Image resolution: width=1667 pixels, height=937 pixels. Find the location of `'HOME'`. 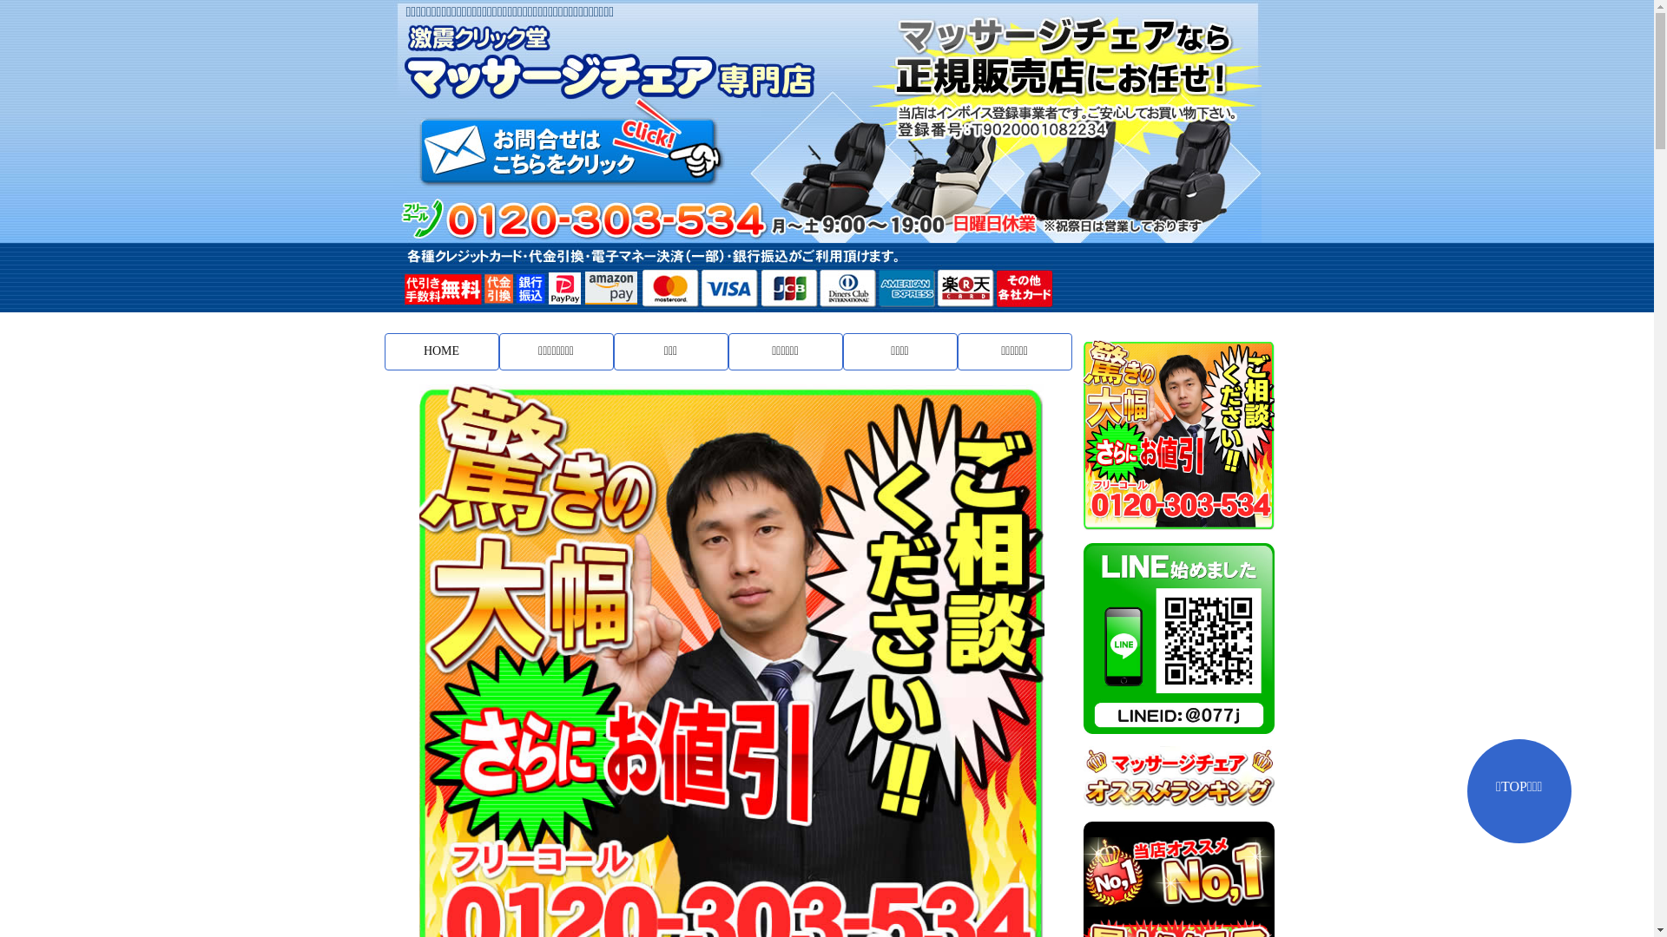

'HOME' is located at coordinates (441, 351).